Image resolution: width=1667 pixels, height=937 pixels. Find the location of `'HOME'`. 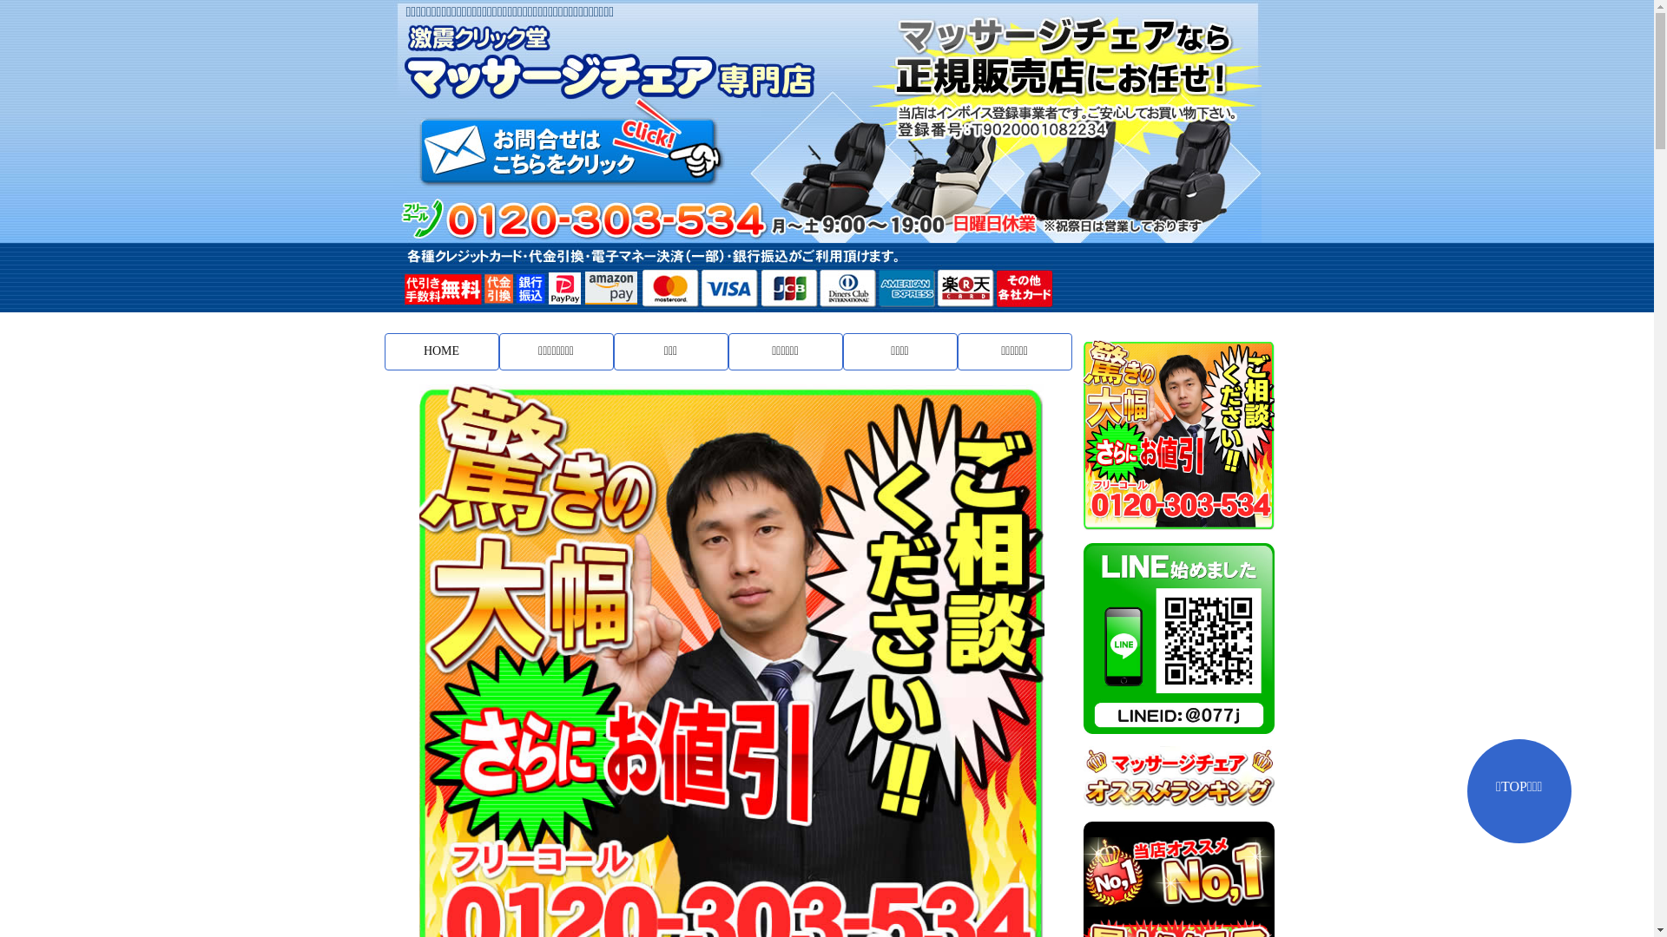

'HOME' is located at coordinates (441, 351).